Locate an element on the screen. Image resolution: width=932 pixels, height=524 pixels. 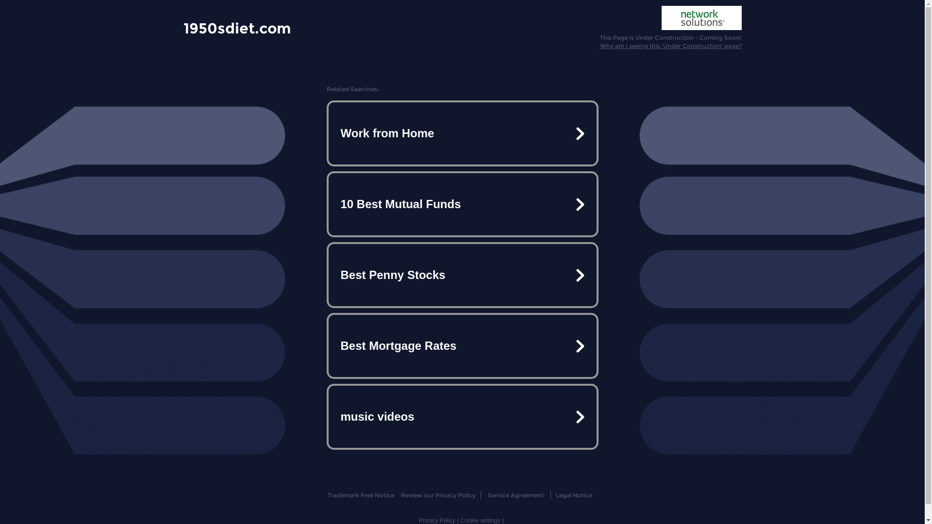
'Legal Notice' is located at coordinates (574, 495).